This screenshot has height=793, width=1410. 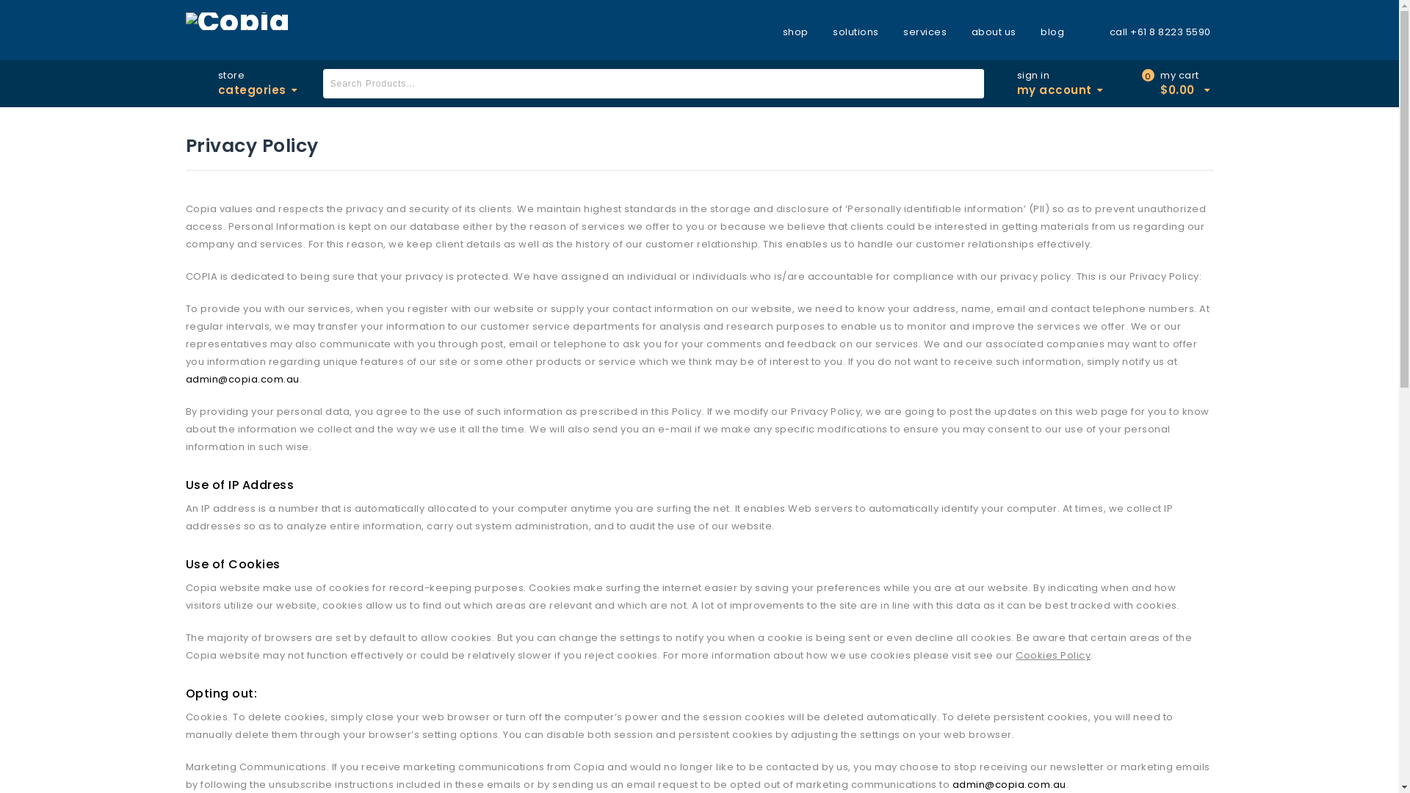 What do you see at coordinates (994, 31) in the screenshot?
I see `'about us'` at bounding box center [994, 31].